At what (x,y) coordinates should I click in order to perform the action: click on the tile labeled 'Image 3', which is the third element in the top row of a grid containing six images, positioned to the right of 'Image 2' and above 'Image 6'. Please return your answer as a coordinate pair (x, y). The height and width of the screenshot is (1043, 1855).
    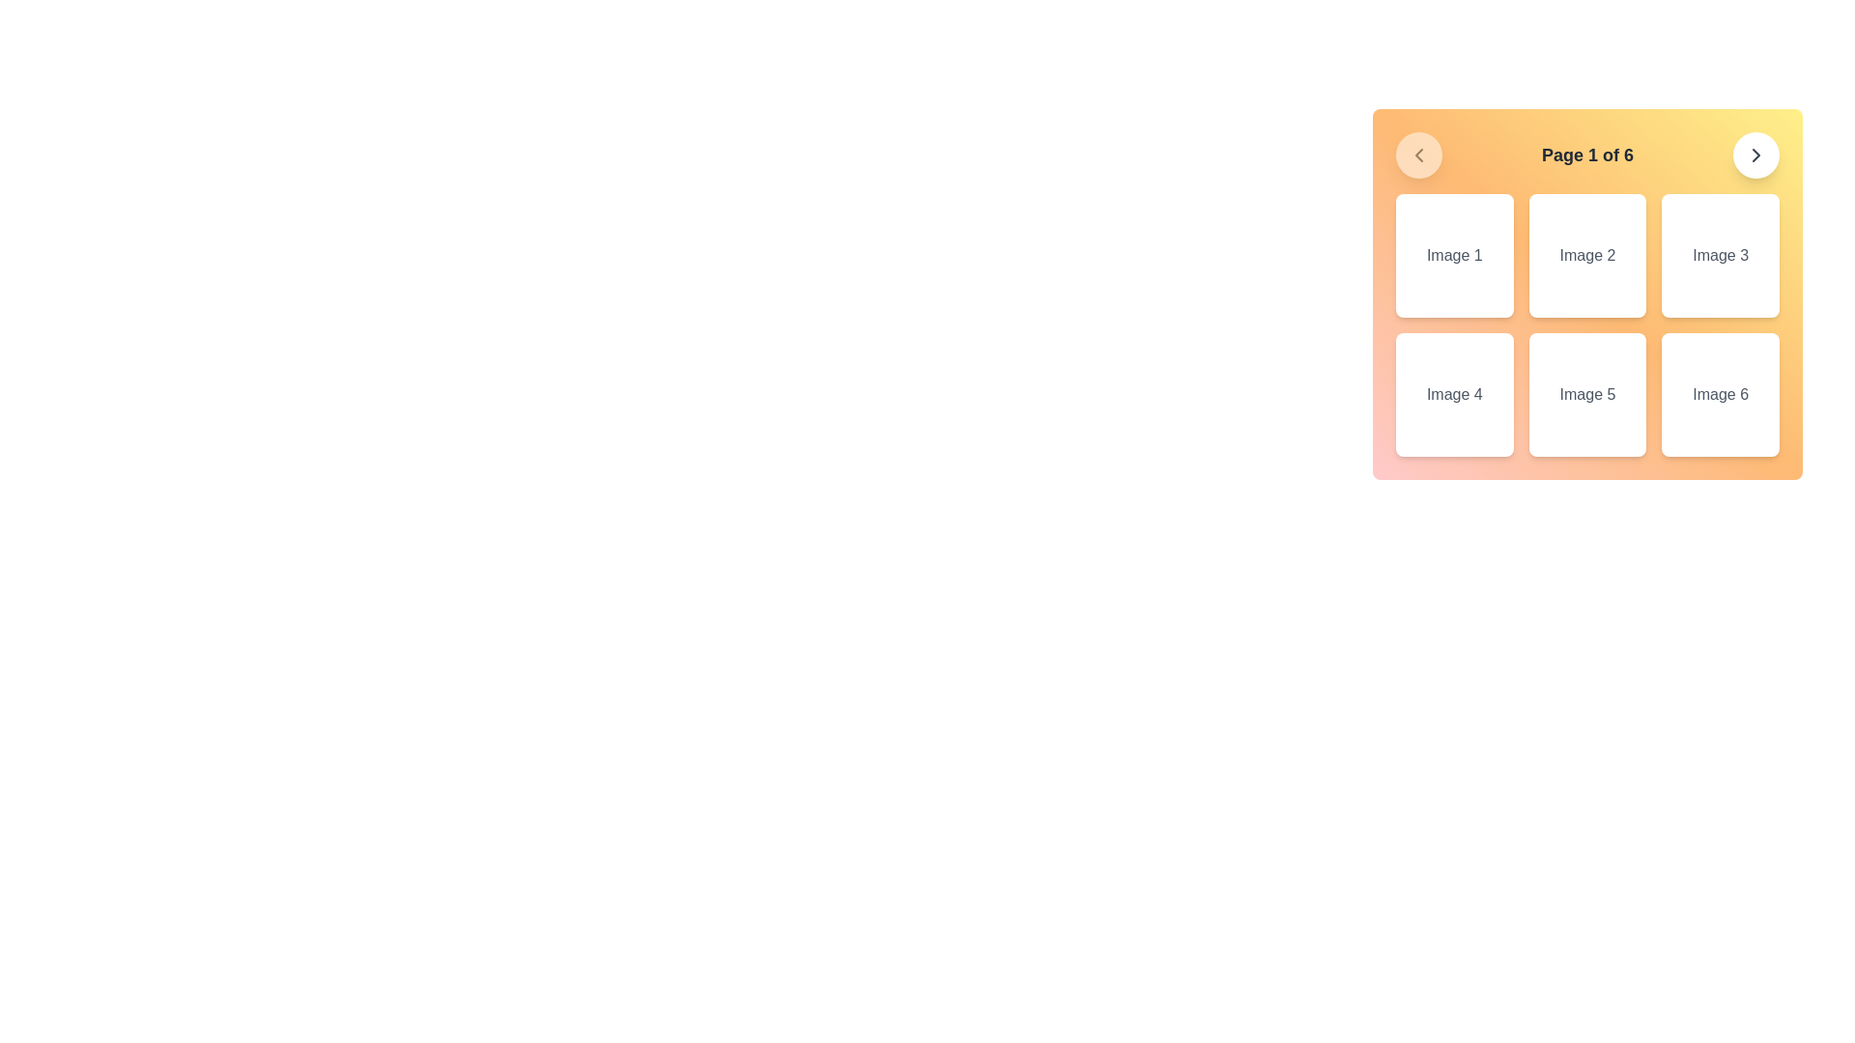
    Looking at the image, I should click on (1721, 255).